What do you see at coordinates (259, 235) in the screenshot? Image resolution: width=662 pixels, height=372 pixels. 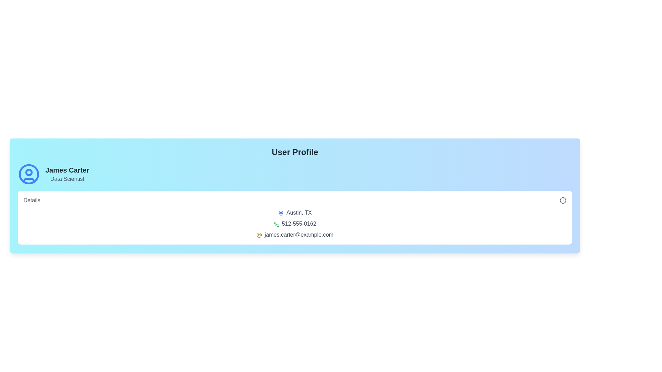 I see `the SVG icon representing the email address, which is positioned directly to the left of the text 'james.carter@example.com'` at bounding box center [259, 235].